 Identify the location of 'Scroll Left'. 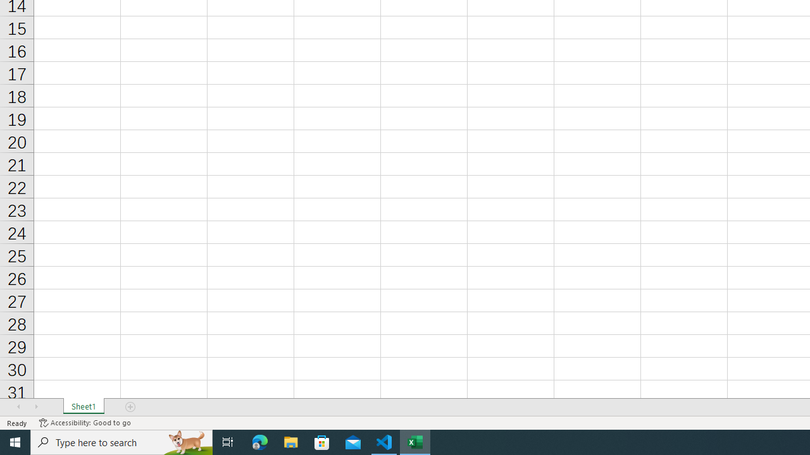
(18, 407).